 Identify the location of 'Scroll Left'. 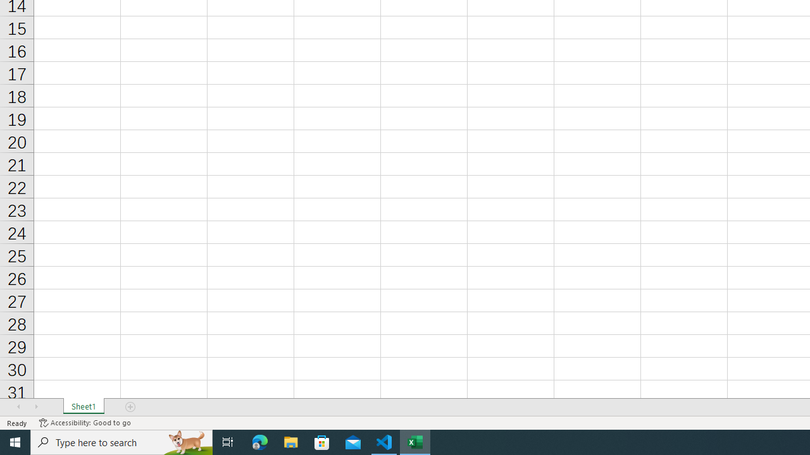
(18, 407).